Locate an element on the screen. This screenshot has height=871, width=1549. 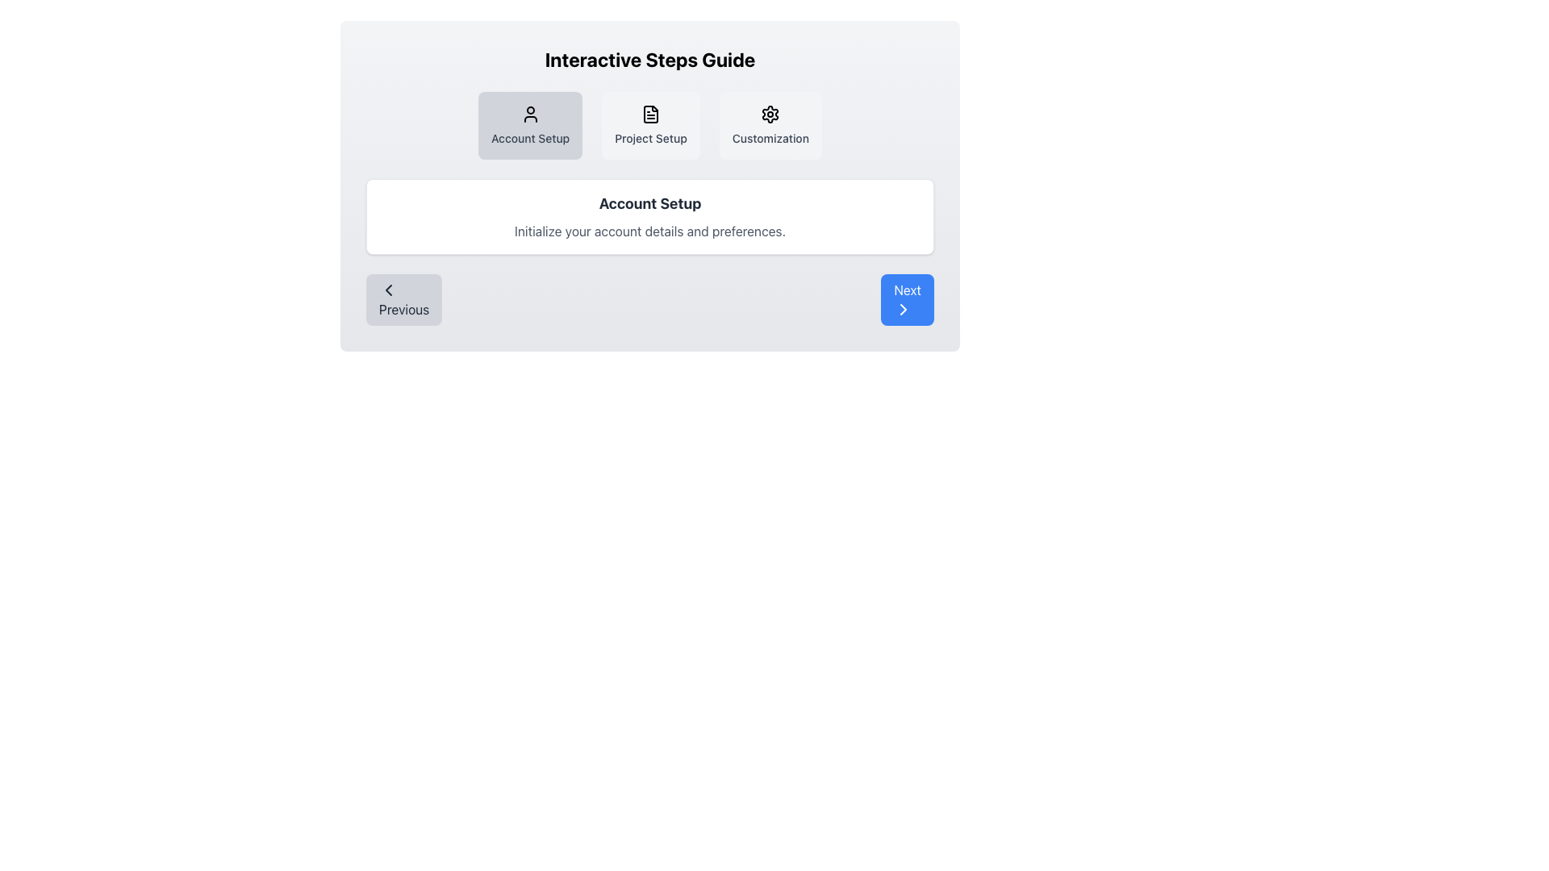
the 'Previous' button which is a light gray rounded button with a left-pointing chevron icon and dark gray text, located at the bottom of the step guide interface is located at coordinates (404, 299).